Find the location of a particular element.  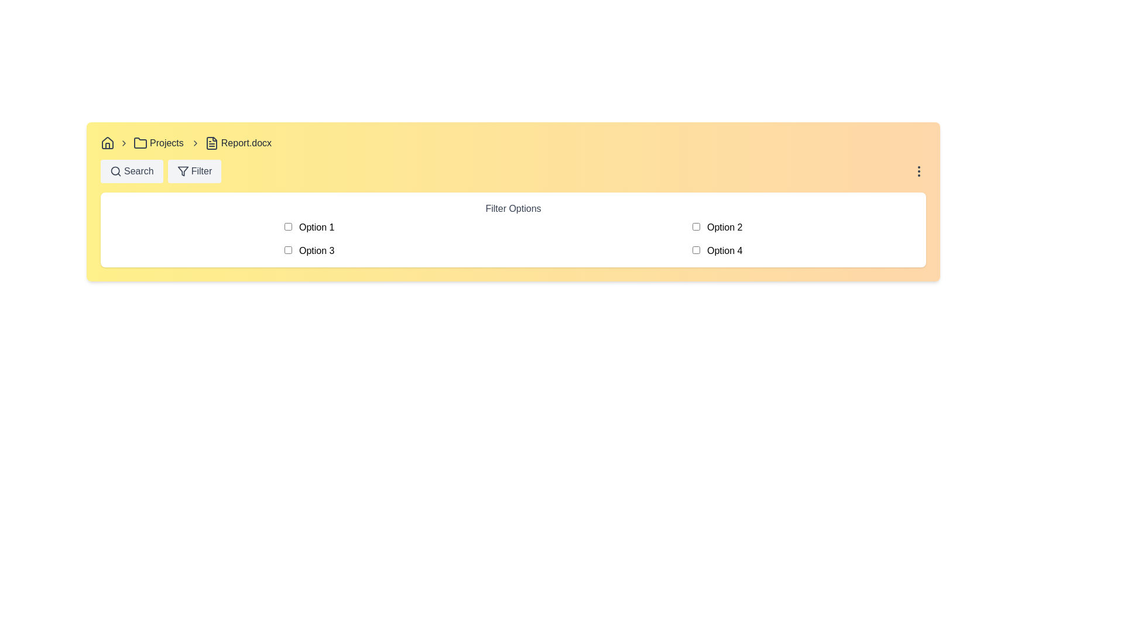

the right-pointing arrow icon in the breadcrumb navigation bar located between 'Projects' and 'Report.docx' is located at coordinates (195, 143).